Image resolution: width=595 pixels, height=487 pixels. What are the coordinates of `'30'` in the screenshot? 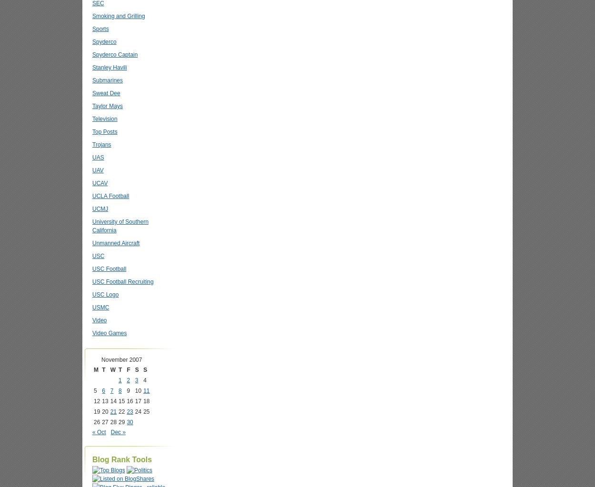 It's located at (129, 422).